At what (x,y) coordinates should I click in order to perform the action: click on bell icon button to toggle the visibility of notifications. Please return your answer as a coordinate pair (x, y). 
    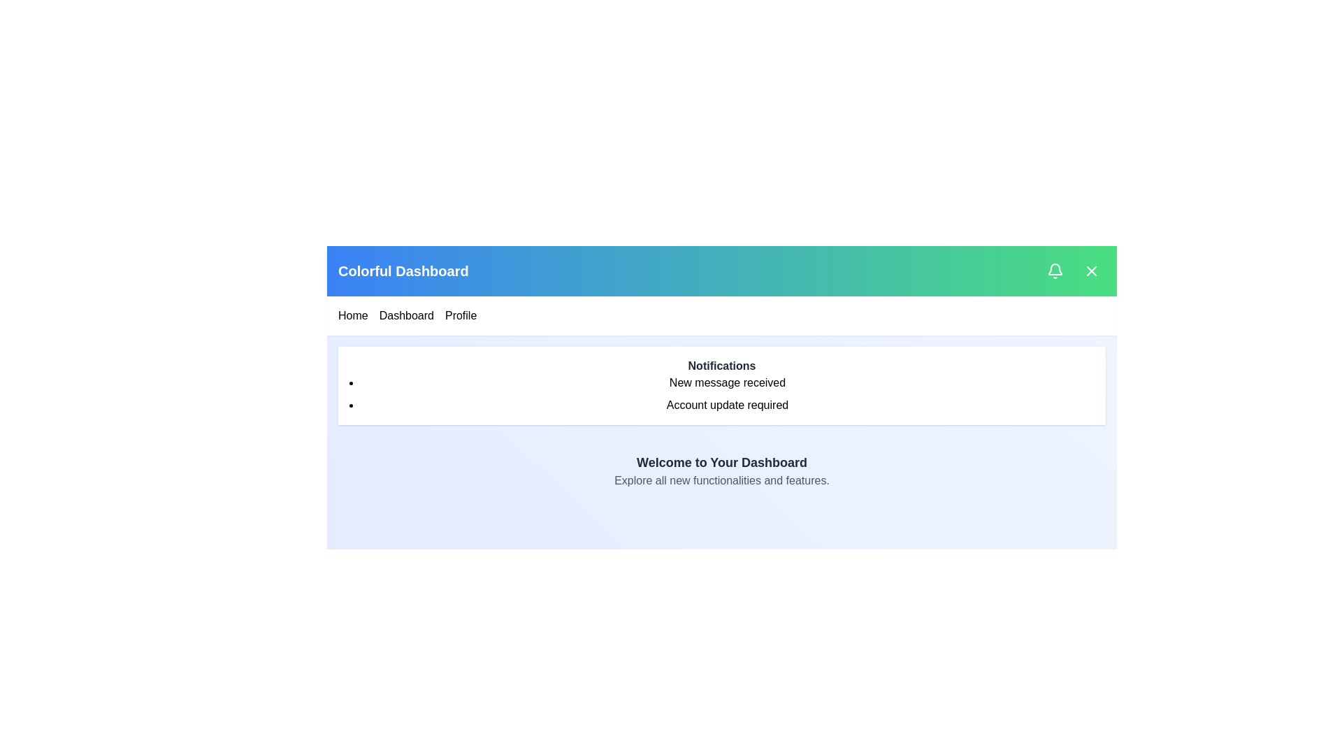
    Looking at the image, I should click on (1055, 271).